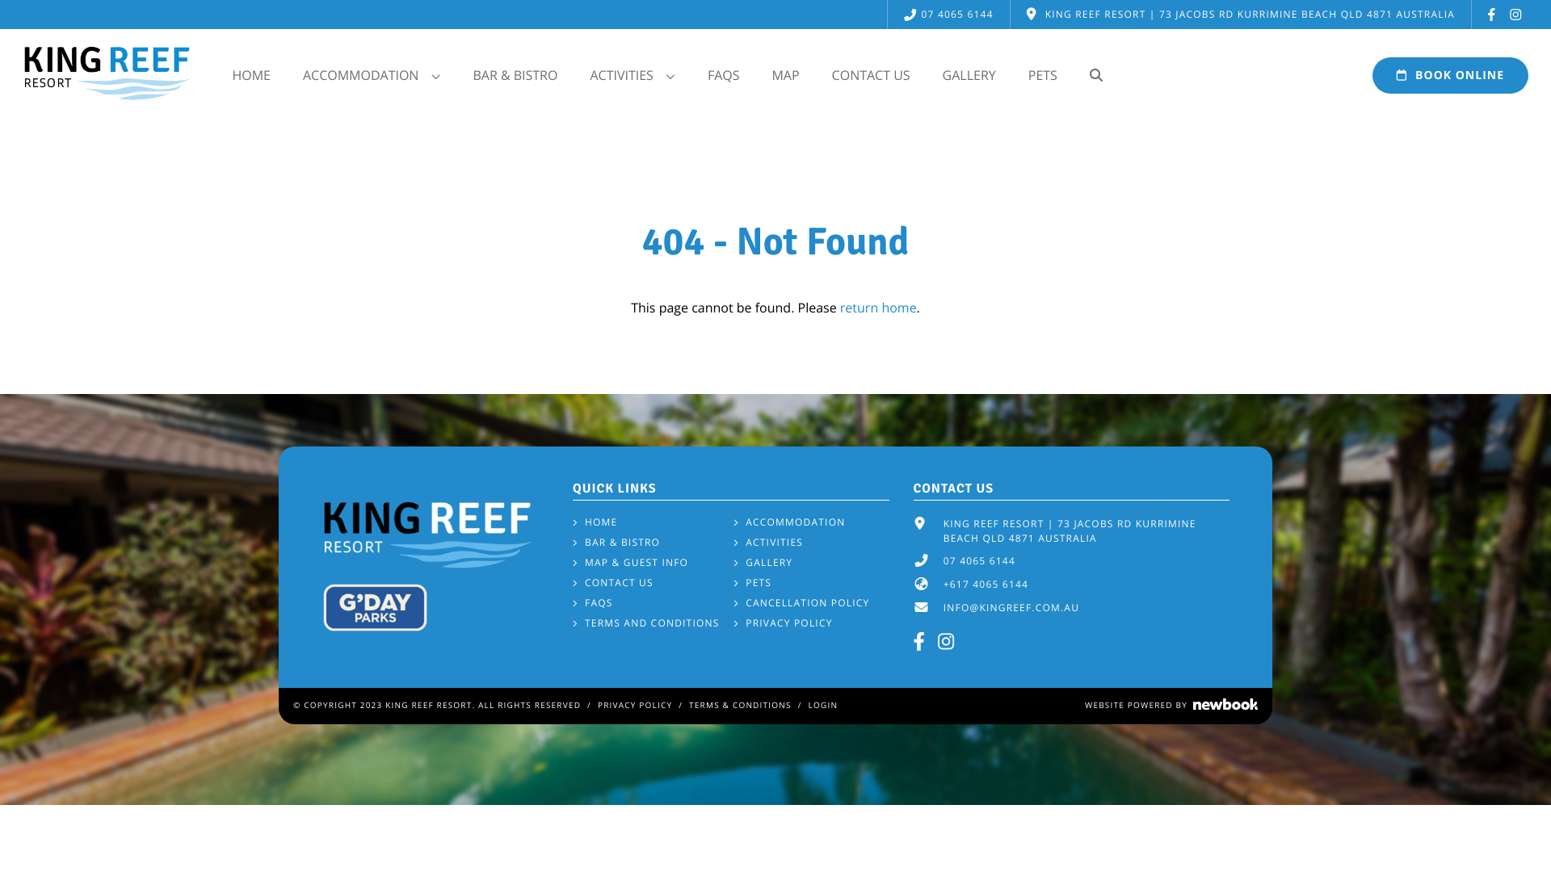  I want to click on 'GALLERY', so click(762, 562).